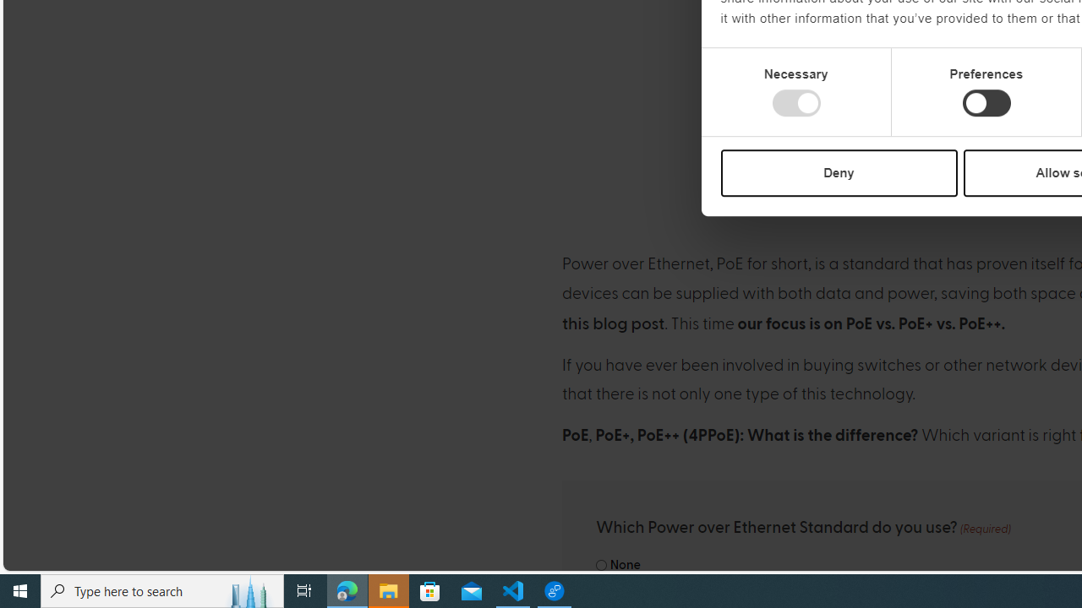  What do you see at coordinates (601, 565) in the screenshot?
I see `'None'` at bounding box center [601, 565].